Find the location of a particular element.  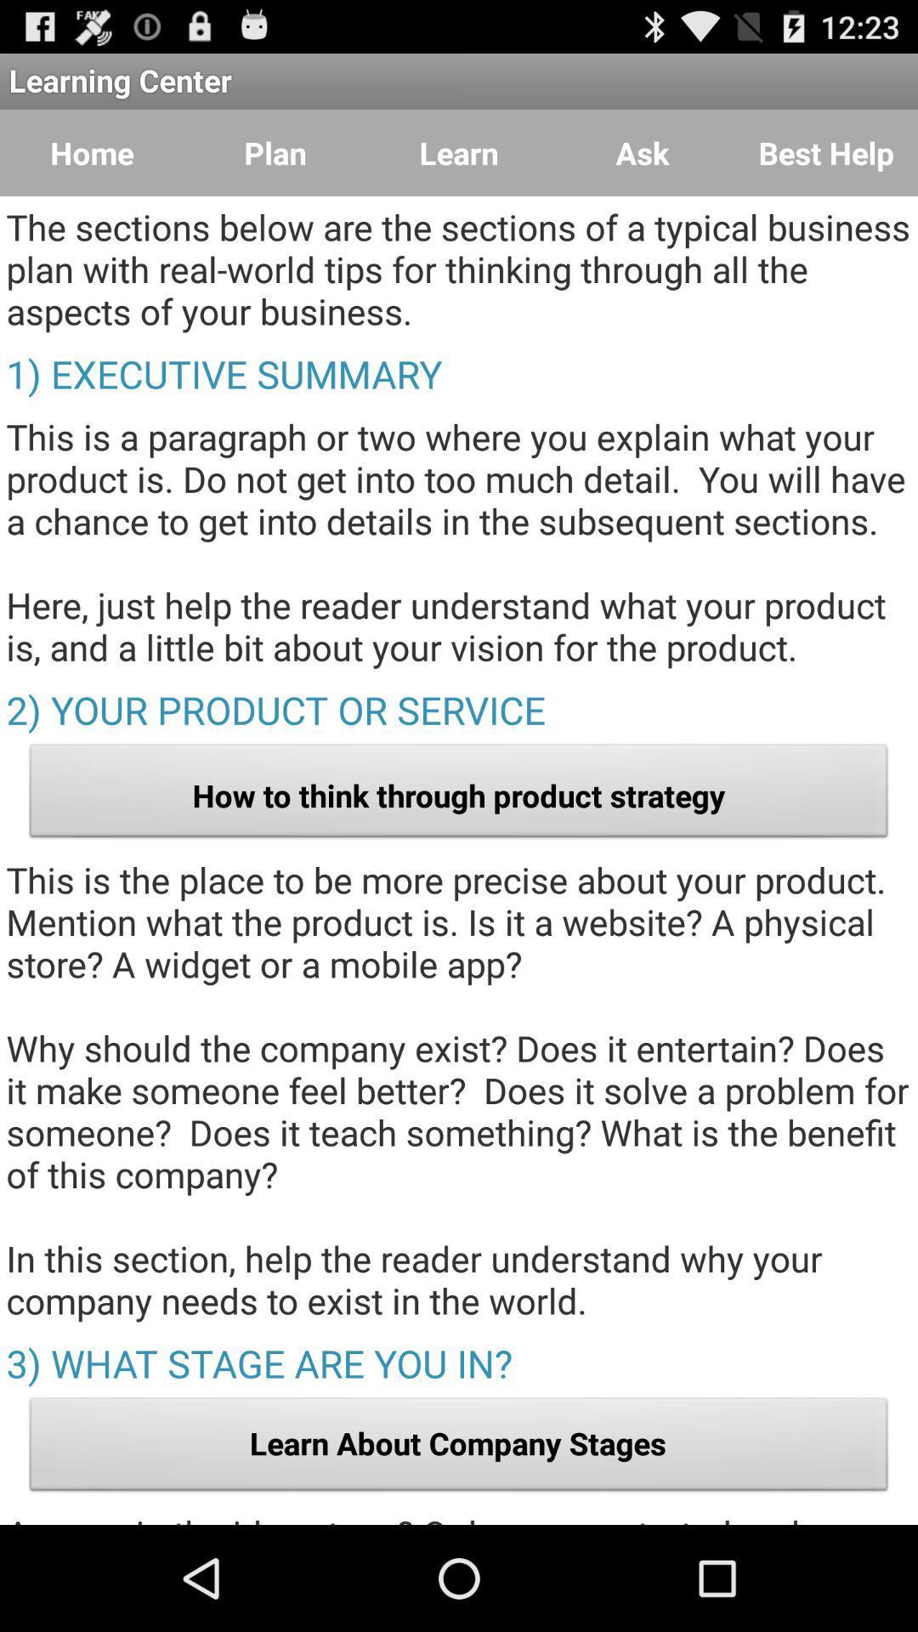

icon above the the sections below item is located at coordinates (92, 153).